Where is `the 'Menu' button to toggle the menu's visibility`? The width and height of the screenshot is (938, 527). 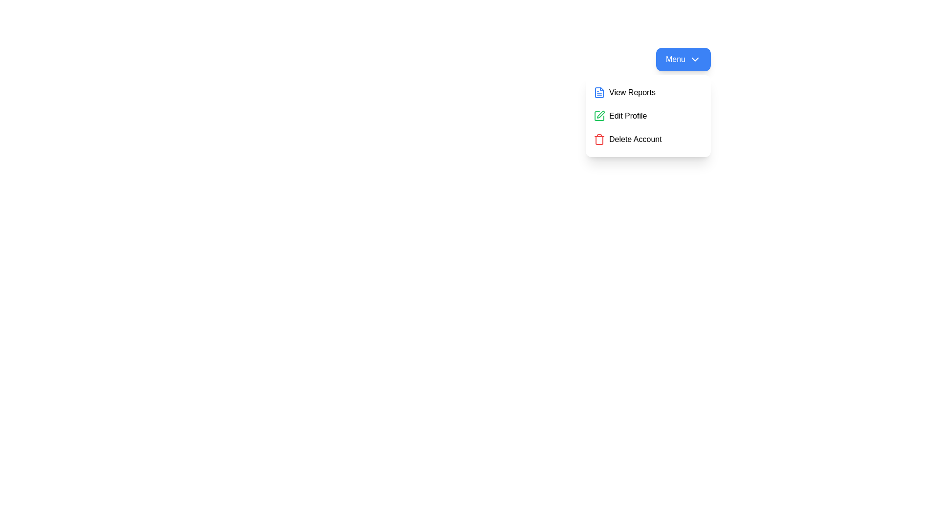
the 'Menu' button to toggle the menu's visibility is located at coordinates (682, 60).